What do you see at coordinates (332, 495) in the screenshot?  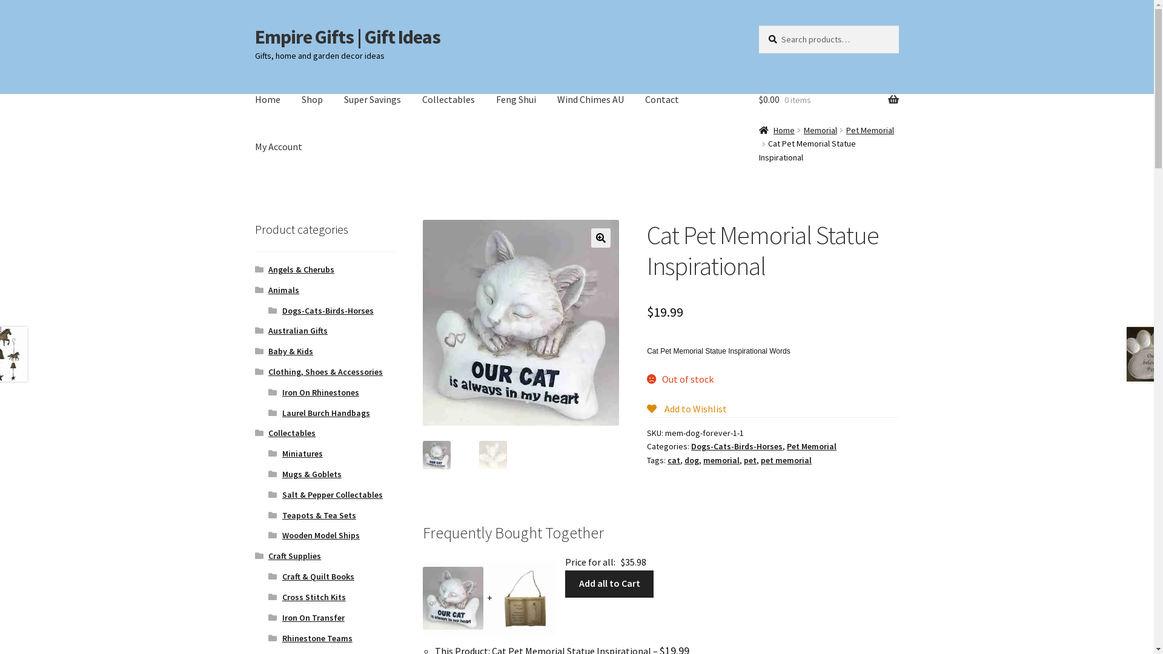 I see `'Salt & Pepper Collectables'` at bounding box center [332, 495].